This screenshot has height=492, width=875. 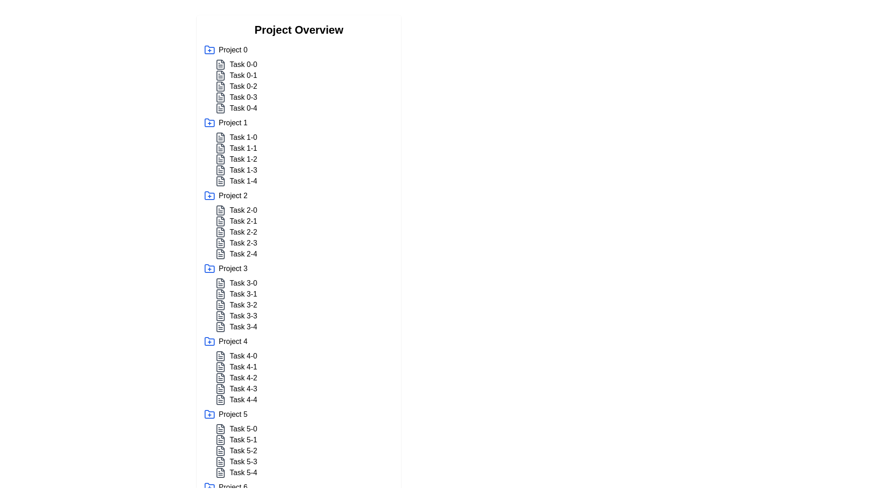 What do you see at coordinates (221, 439) in the screenshot?
I see `the document icon representing 'Task 5-1' under 'Project 5' in the main list by clicking on it` at bounding box center [221, 439].